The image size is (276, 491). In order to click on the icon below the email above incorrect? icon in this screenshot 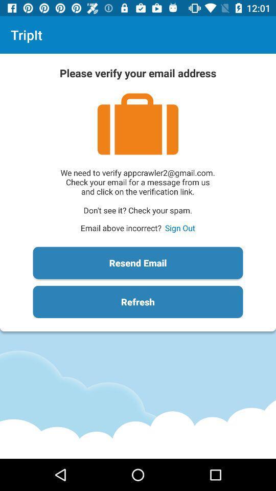, I will do `click(138, 262)`.